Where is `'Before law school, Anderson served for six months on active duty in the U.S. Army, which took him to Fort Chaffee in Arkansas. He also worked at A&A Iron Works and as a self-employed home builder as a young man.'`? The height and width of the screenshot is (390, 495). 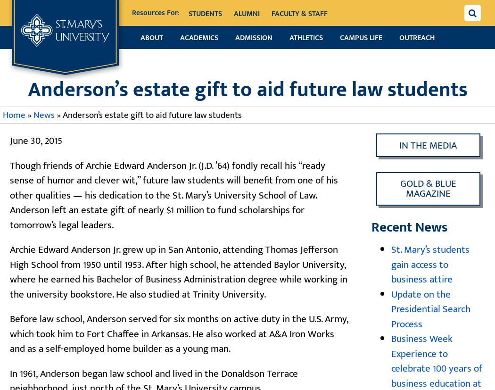
'Before law school, Anderson served for six months on active duty in the U.S. Army, which took him to Fort Chaffee in Arkansas. He also worked at A&A Iron Works and as a self-employed home builder as a young man.' is located at coordinates (179, 333).